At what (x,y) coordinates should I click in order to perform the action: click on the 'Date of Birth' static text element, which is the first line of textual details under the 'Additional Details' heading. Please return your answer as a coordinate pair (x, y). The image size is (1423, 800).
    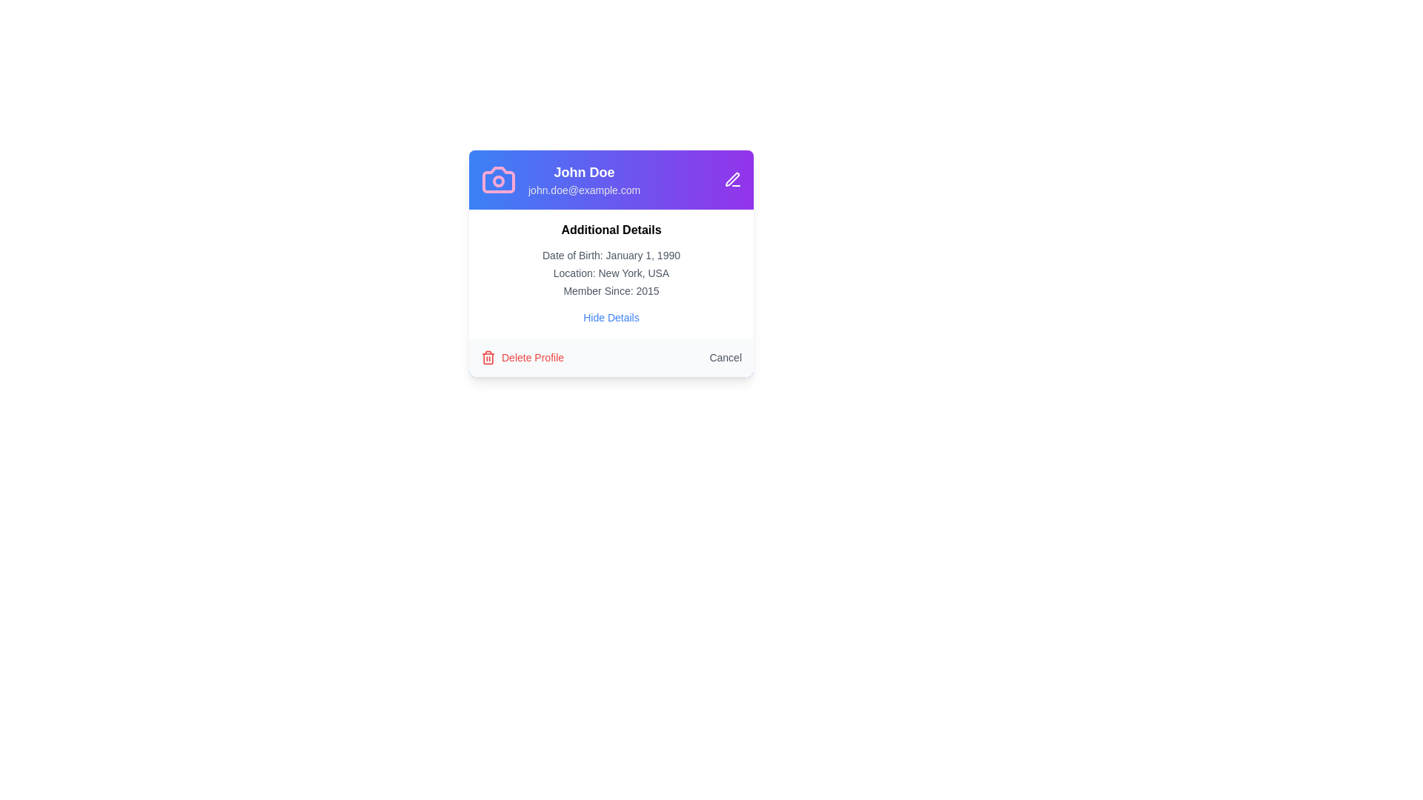
    Looking at the image, I should click on (611, 254).